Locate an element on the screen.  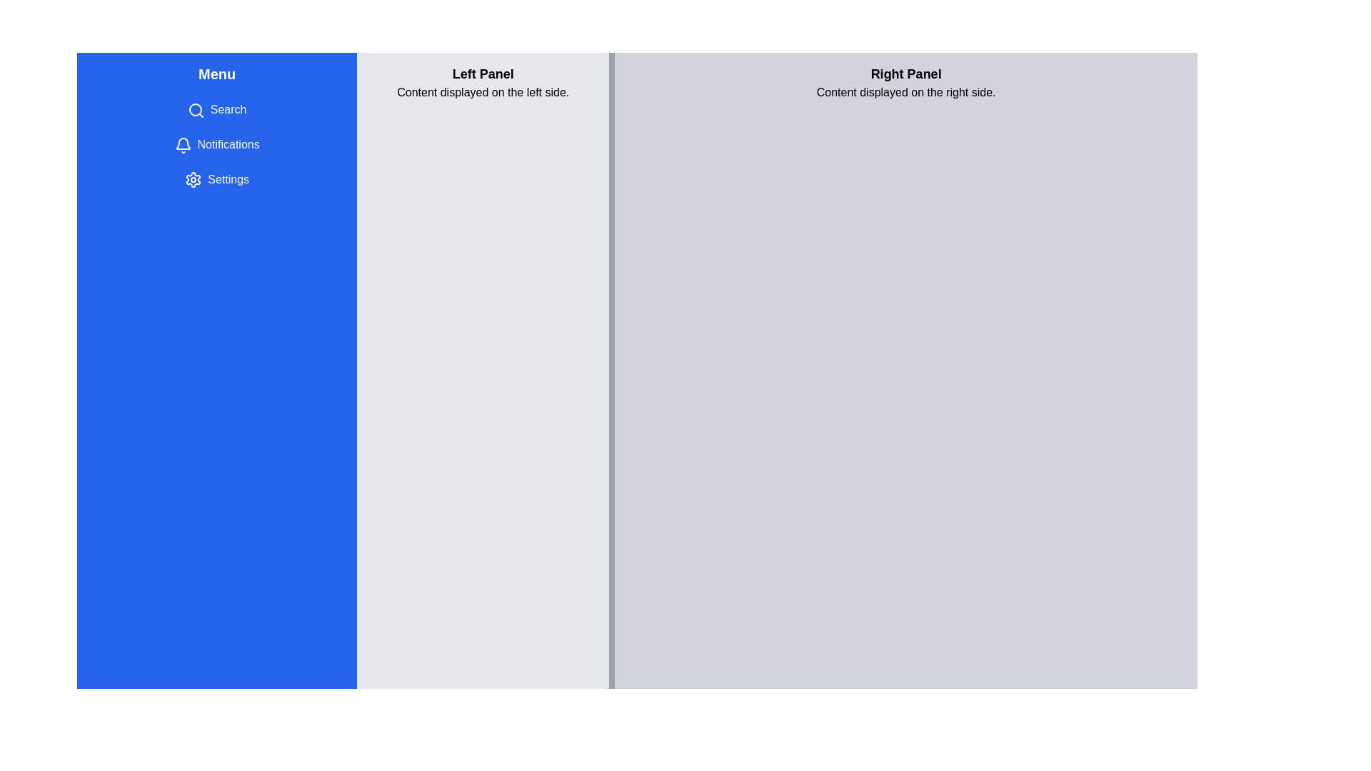
the lower portion of the bell icon representing the notification feature in the 'Notifications' section of the side menu is located at coordinates (182, 143).